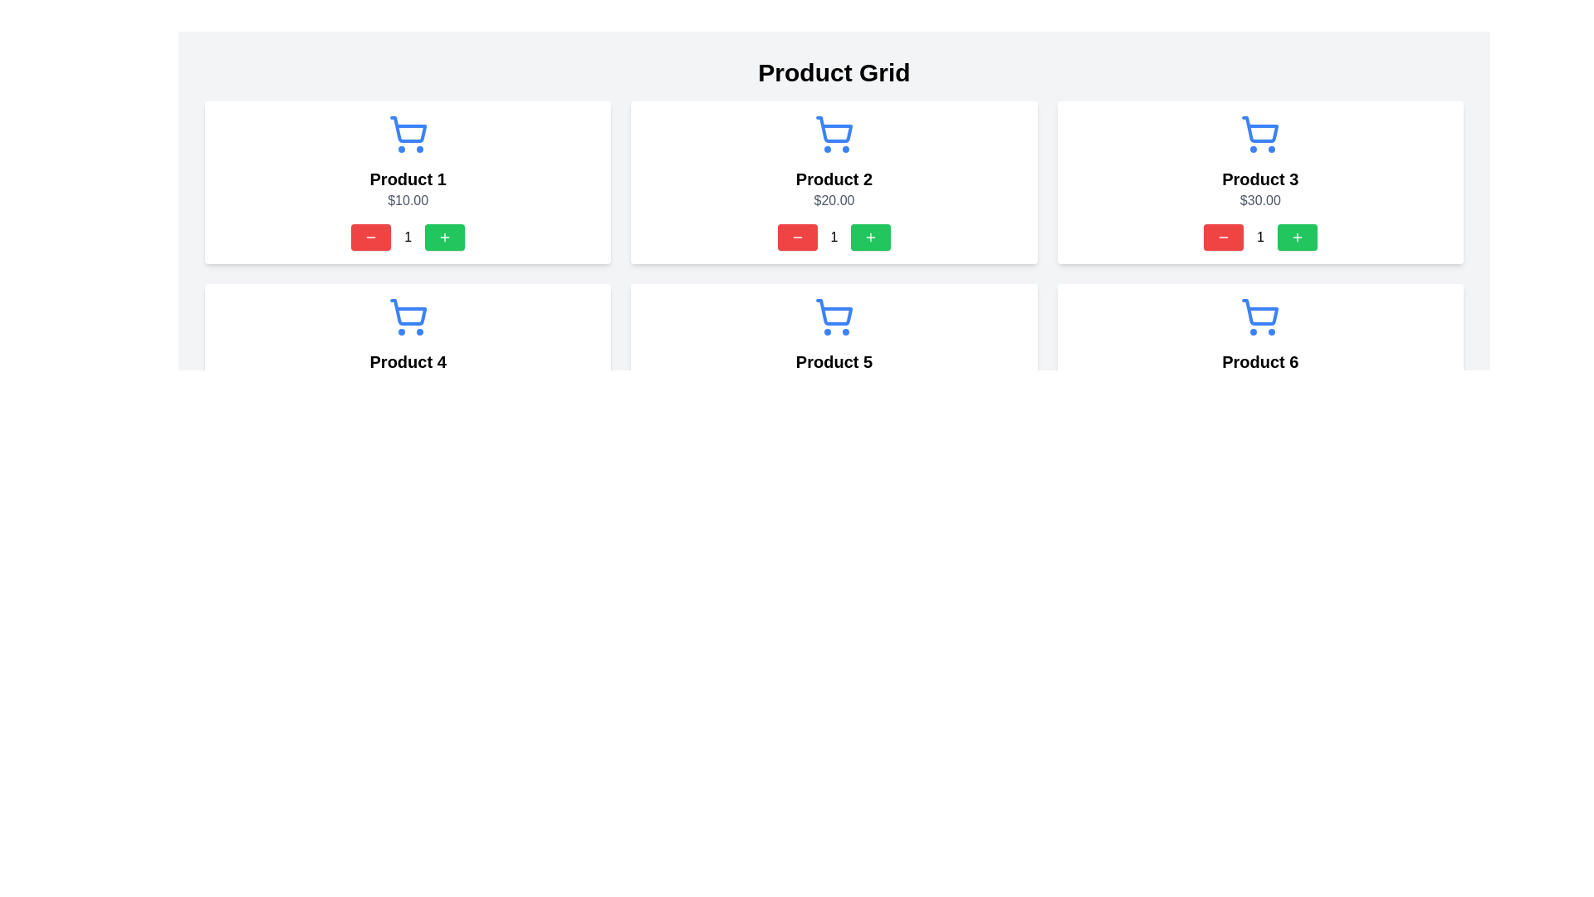  Describe the element at coordinates (408, 237) in the screenshot. I see `the numeral '1' displayed in a sans-serif font, which is centrally positioned between the red decrement button and the green increment button in the product card titled 'Product 1'` at that location.